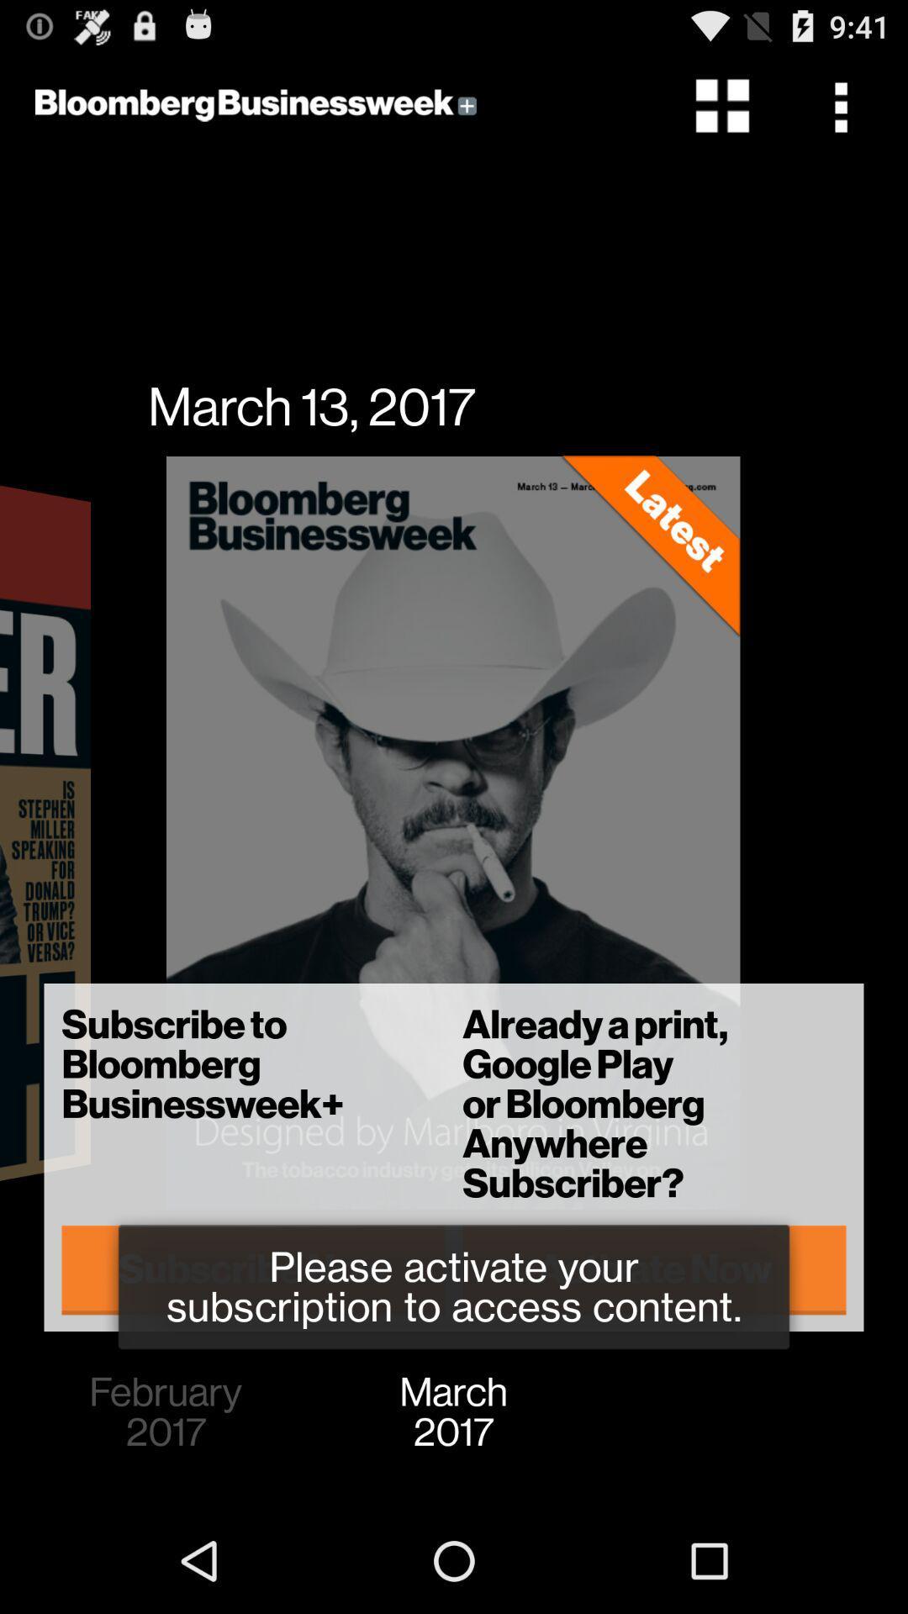 This screenshot has width=908, height=1614. What do you see at coordinates (166, 1412) in the screenshot?
I see `the item next to the march` at bounding box center [166, 1412].